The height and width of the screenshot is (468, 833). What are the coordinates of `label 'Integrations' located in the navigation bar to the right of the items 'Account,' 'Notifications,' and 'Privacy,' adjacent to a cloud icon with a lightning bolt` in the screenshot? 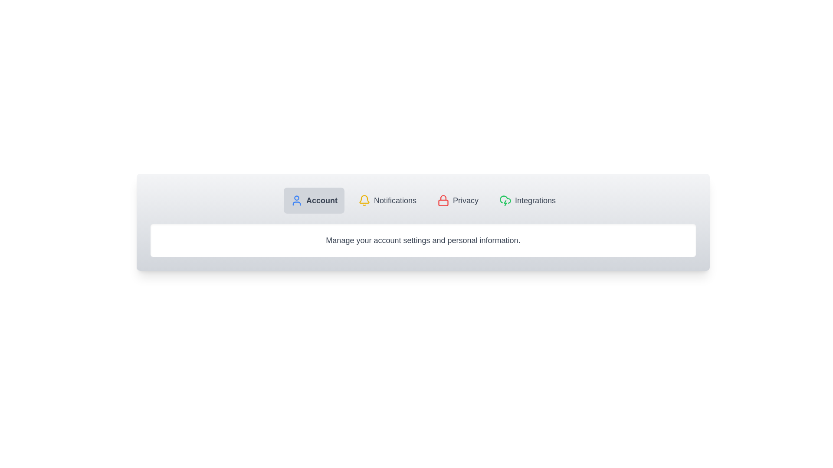 It's located at (535, 200).